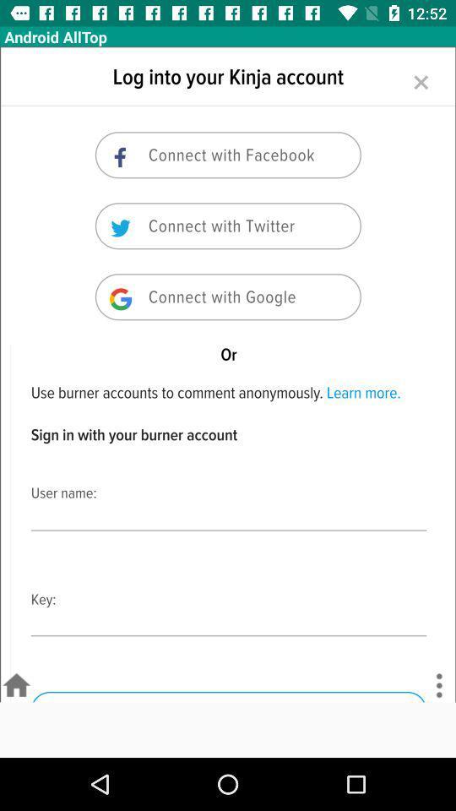 Image resolution: width=456 pixels, height=811 pixels. I want to click on home option, so click(15, 685).